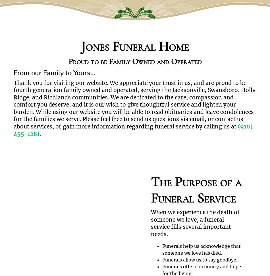 This screenshot has height=276, width=270. Describe the element at coordinates (162, 249) in the screenshot. I see `'Funerals help us acknowledge that someone we love has died.'` at that location.